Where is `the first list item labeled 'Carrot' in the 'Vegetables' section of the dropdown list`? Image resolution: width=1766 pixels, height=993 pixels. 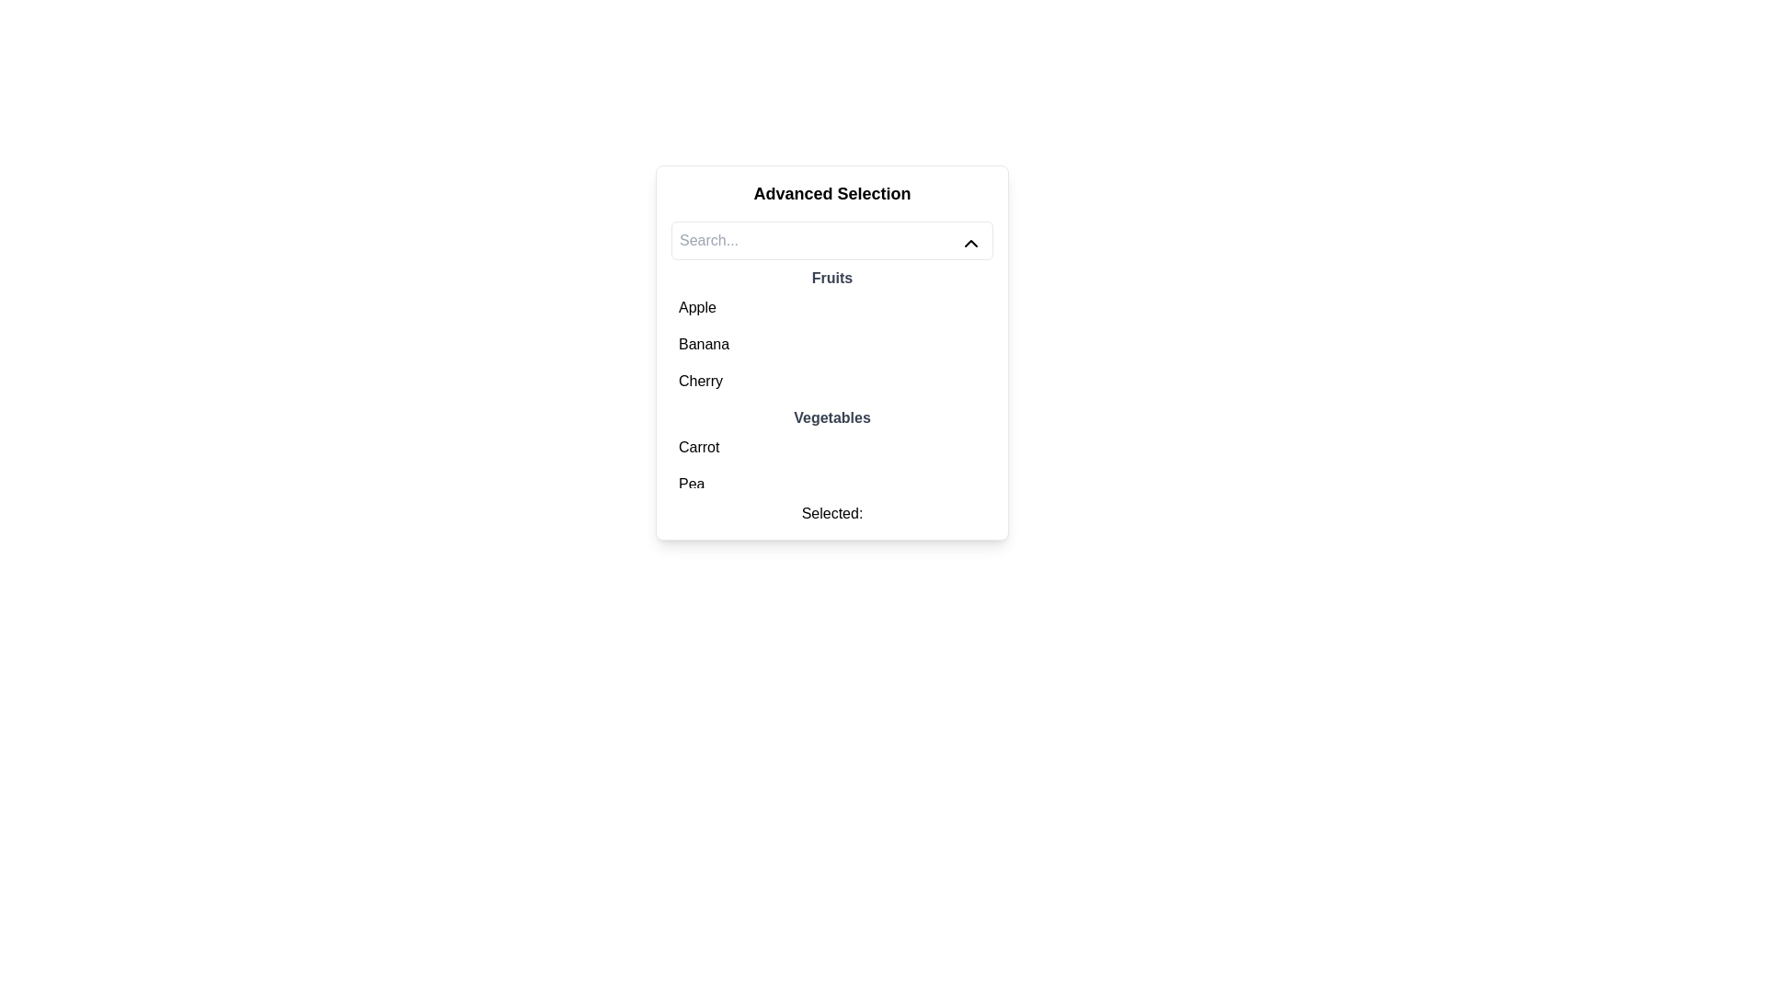 the first list item labeled 'Carrot' in the 'Vegetables' section of the dropdown list is located at coordinates (831, 447).